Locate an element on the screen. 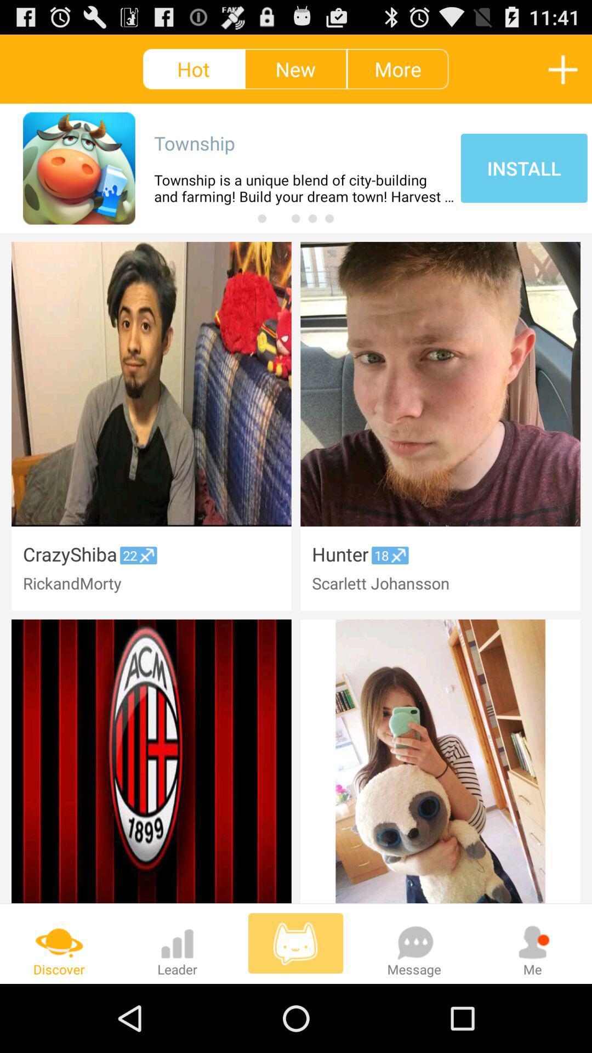 This screenshot has height=1053, width=592. message in the bottom is located at coordinates (414, 943).